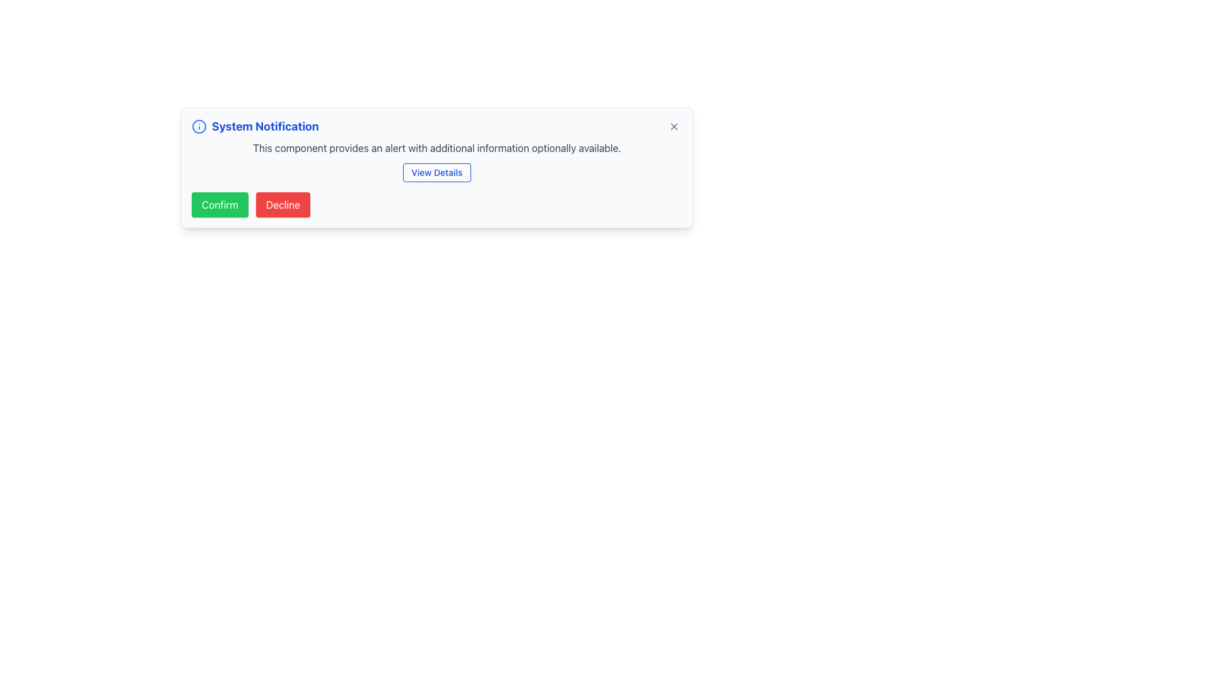 This screenshot has width=1211, height=681. What do you see at coordinates (674, 126) in the screenshot?
I see `the close button located at the far right of the 'System Notification' header` at bounding box center [674, 126].